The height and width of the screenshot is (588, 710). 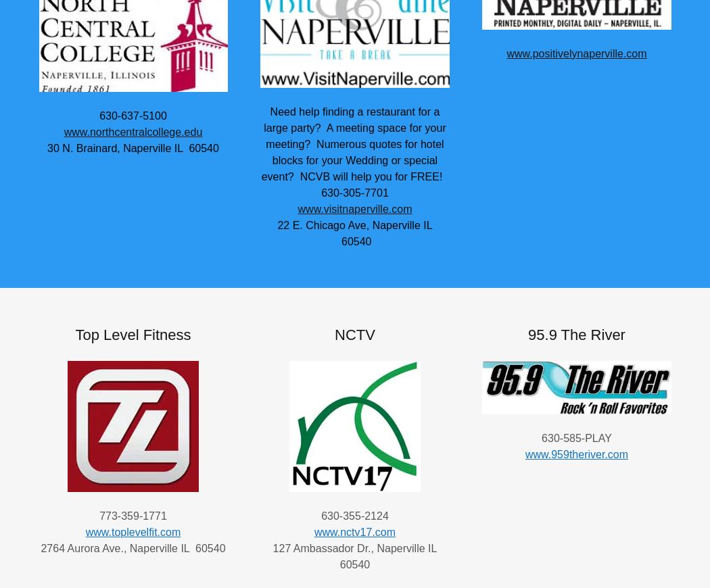 What do you see at coordinates (354, 556) in the screenshot?
I see `'127 Ambassador Dr., Naperville IL 60540'` at bounding box center [354, 556].